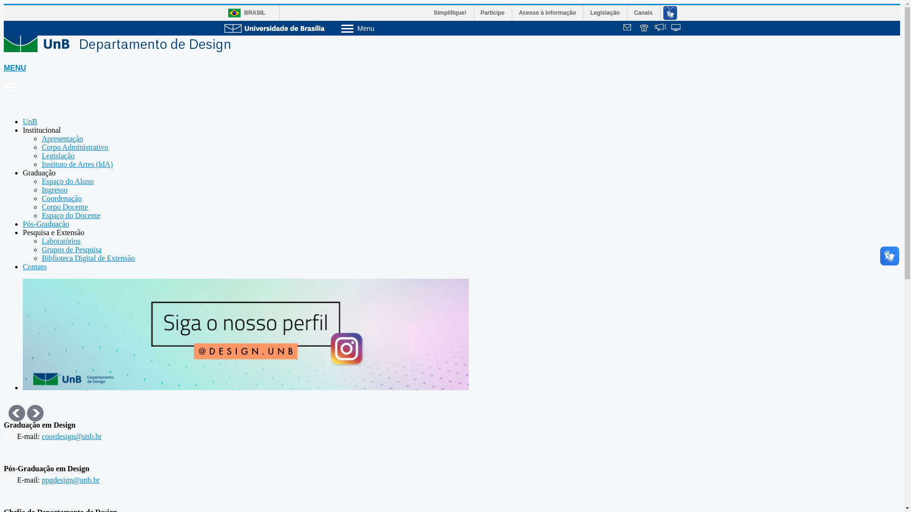 The image size is (911, 512). Describe the element at coordinates (64, 206) in the screenshot. I see `'Corpo Docente'` at that location.